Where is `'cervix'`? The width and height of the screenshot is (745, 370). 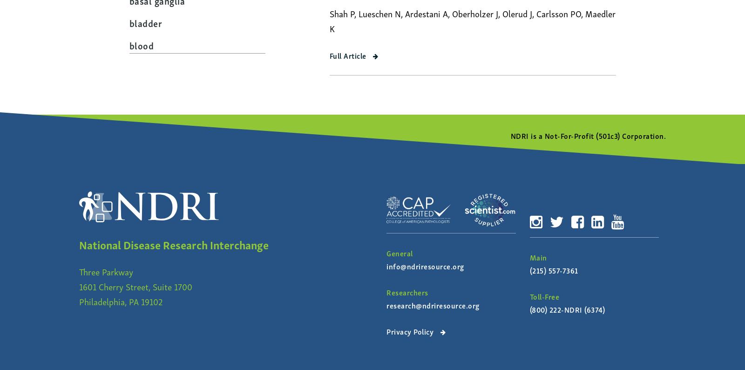 'cervix' is located at coordinates (142, 178).